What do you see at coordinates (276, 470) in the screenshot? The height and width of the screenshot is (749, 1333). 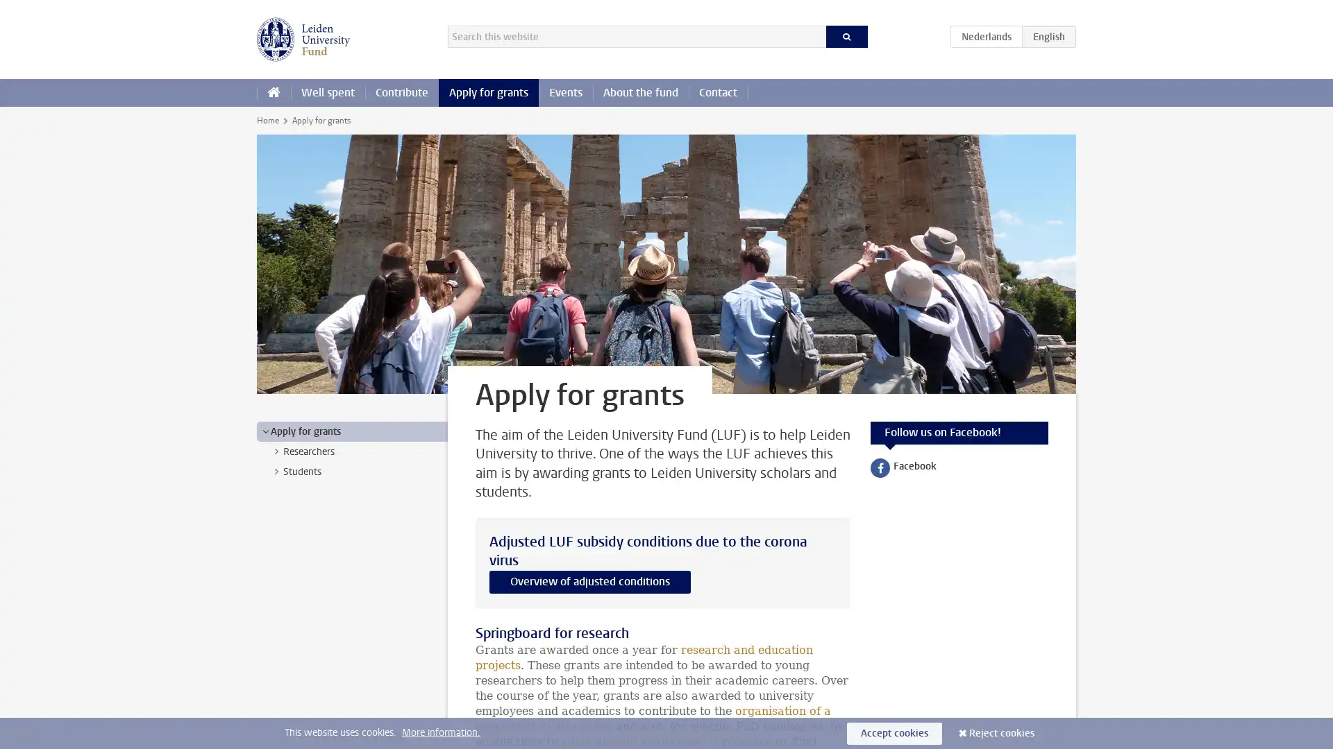 I see `>` at bounding box center [276, 470].